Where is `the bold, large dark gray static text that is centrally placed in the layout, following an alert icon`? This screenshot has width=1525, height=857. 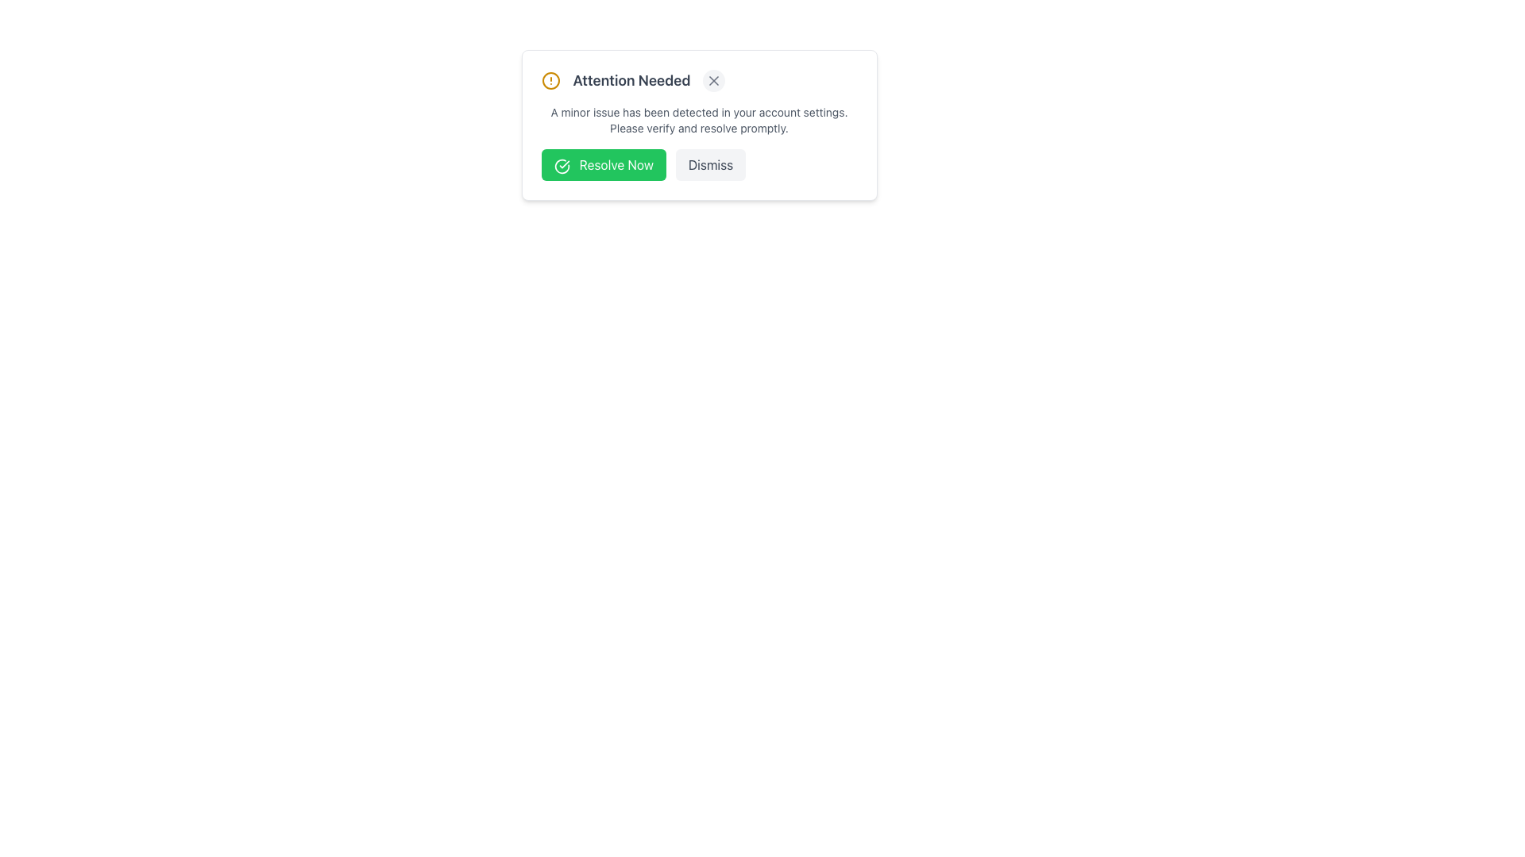
the bold, large dark gray static text that is centrally placed in the layout, following an alert icon is located at coordinates (631, 80).